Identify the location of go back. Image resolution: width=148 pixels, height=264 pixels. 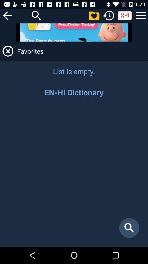
(7, 15).